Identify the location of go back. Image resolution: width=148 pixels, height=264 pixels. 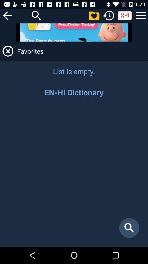
(7, 15).